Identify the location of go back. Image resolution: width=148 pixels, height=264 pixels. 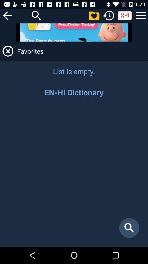
(7, 15).